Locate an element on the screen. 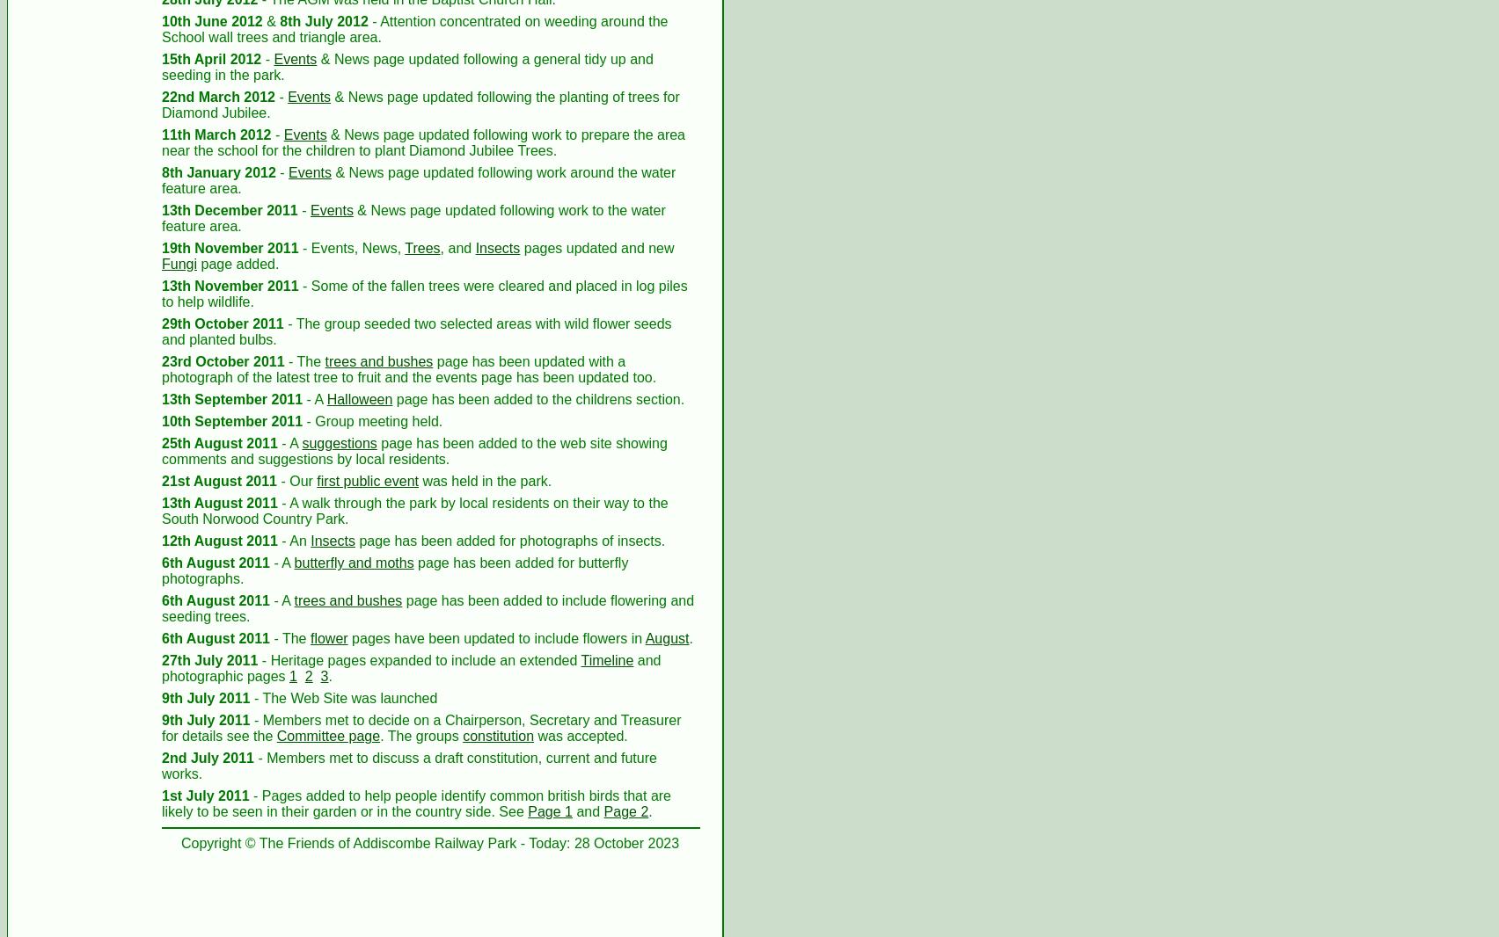 The image size is (1499, 937). 'page added.' is located at coordinates (237, 264).